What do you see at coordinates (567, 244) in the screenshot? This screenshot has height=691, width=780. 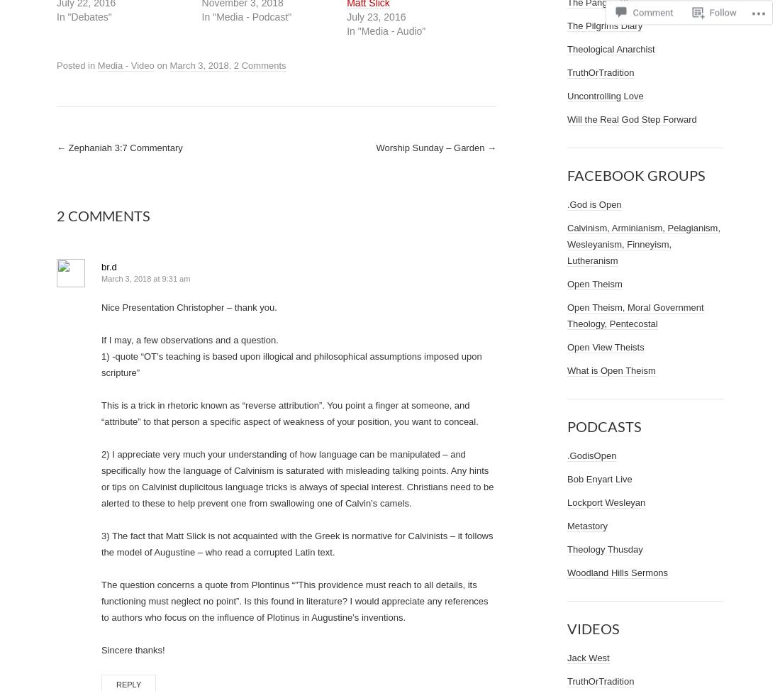 I see `'Calvinism, Arminianism, Pelagianism, Wesleyanism, Finneyism, Lutheranism'` at bounding box center [567, 244].